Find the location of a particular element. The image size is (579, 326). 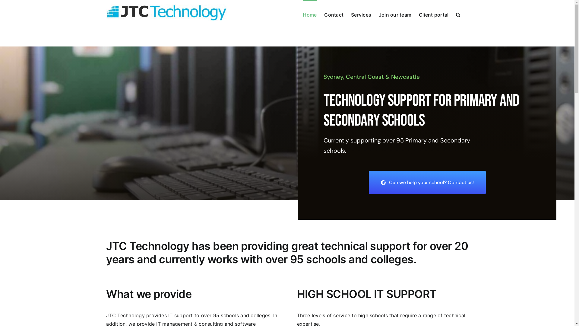

'Home' is located at coordinates (302, 14).